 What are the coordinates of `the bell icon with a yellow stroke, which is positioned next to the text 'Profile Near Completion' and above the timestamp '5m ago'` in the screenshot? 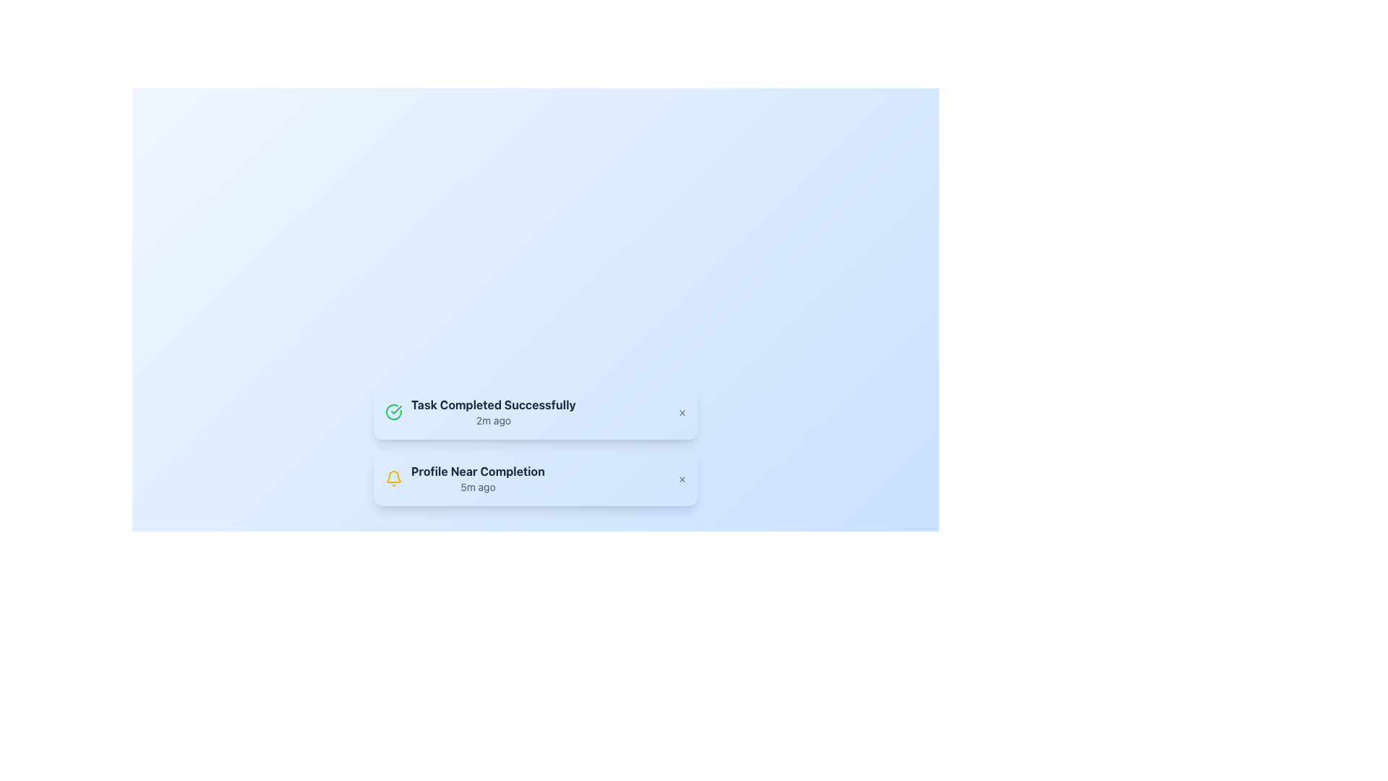 It's located at (394, 479).